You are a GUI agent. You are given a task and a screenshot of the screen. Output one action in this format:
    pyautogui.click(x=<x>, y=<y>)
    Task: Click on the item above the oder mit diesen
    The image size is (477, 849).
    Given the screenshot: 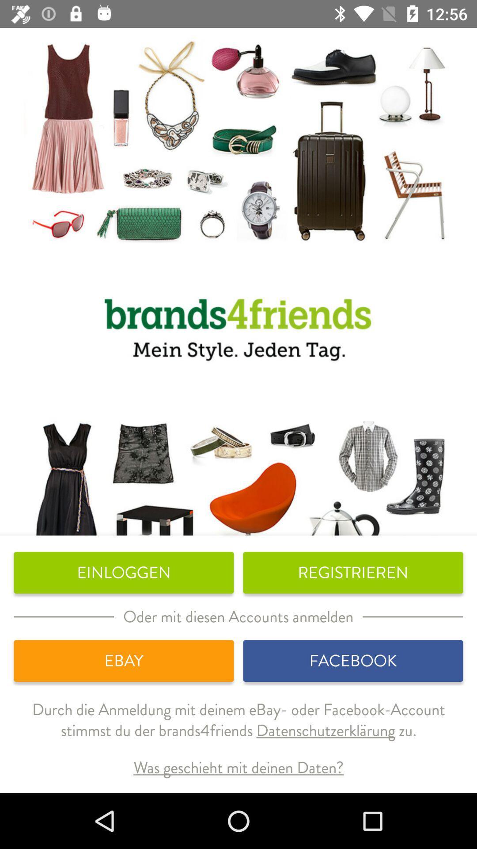 What is the action you would take?
    pyautogui.click(x=352, y=573)
    